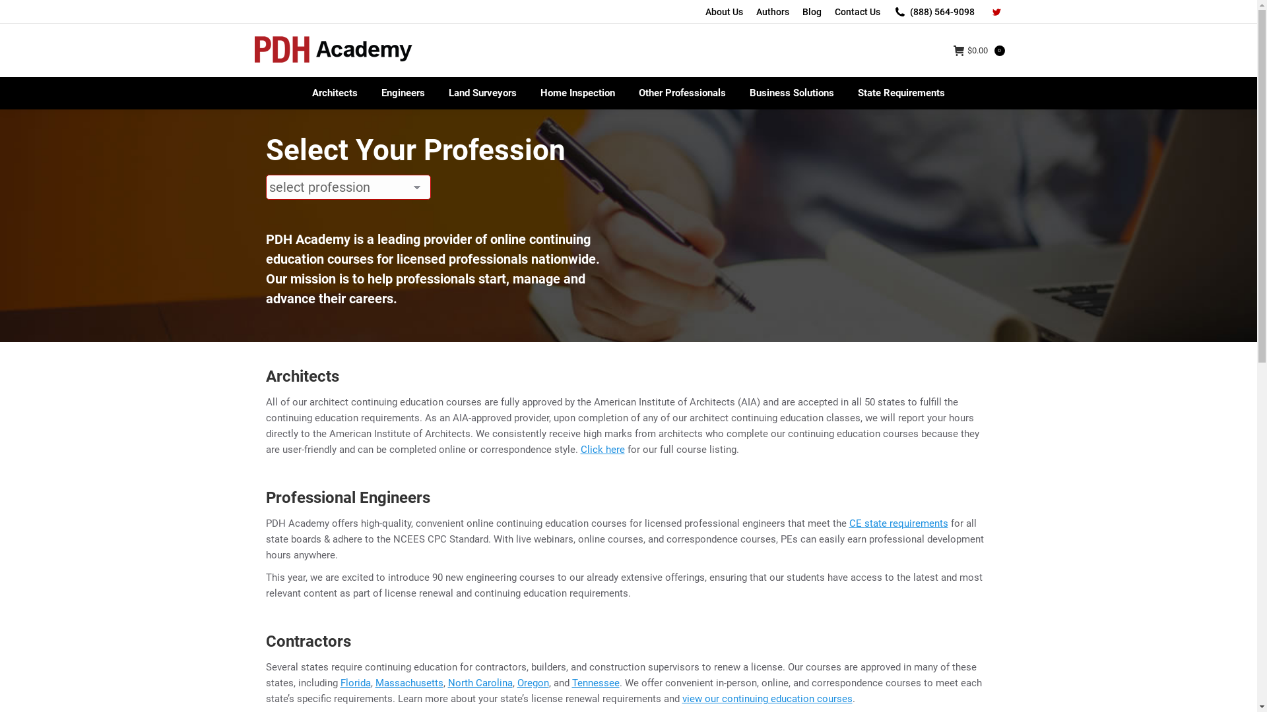 The image size is (1267, 712). Describe the element at coordinates (602, 449) in the screenshot. I see `'Click here'` at that location.